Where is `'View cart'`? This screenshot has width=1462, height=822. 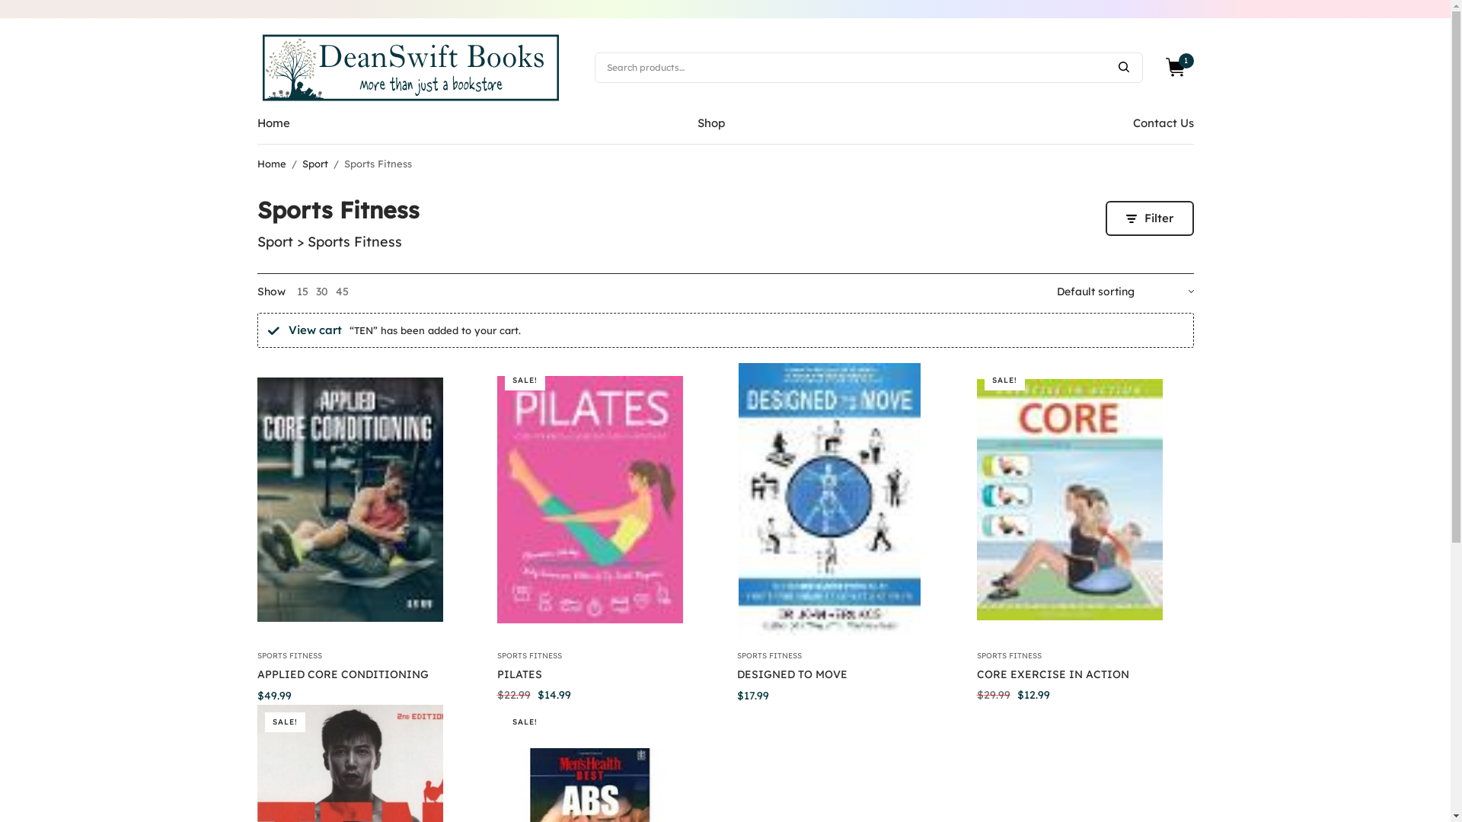
'View cart' is located at coordinates (313, 329).